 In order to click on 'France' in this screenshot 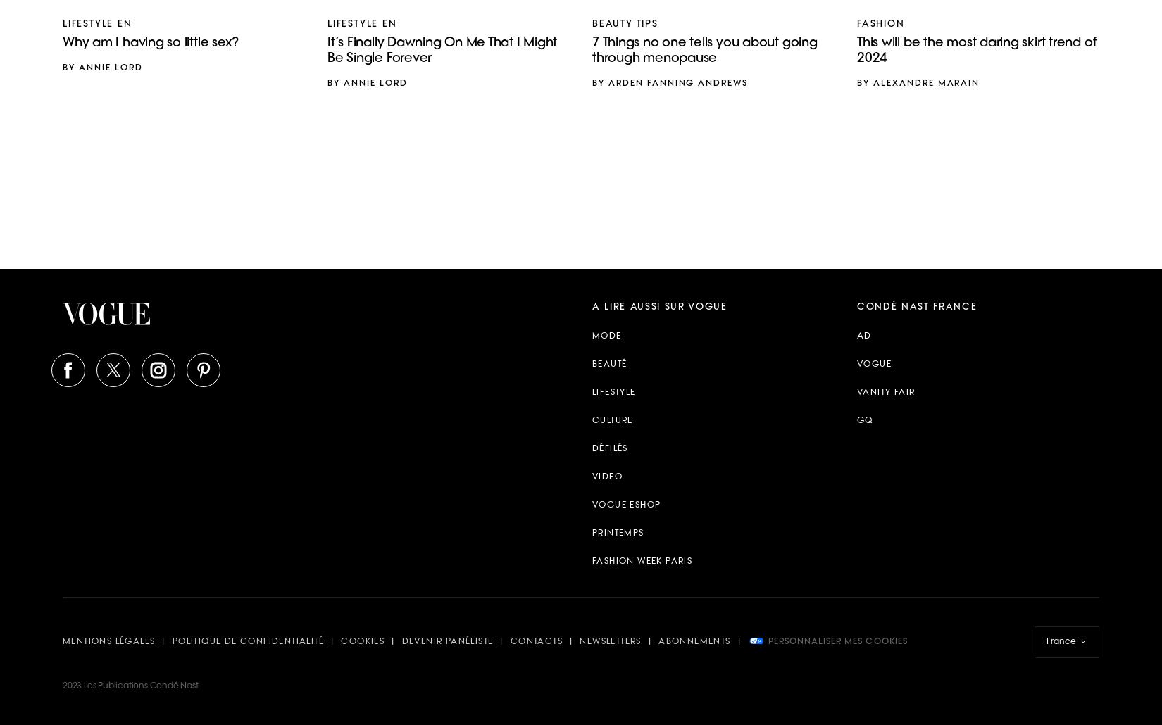, I will do `click(1060, 641)`.